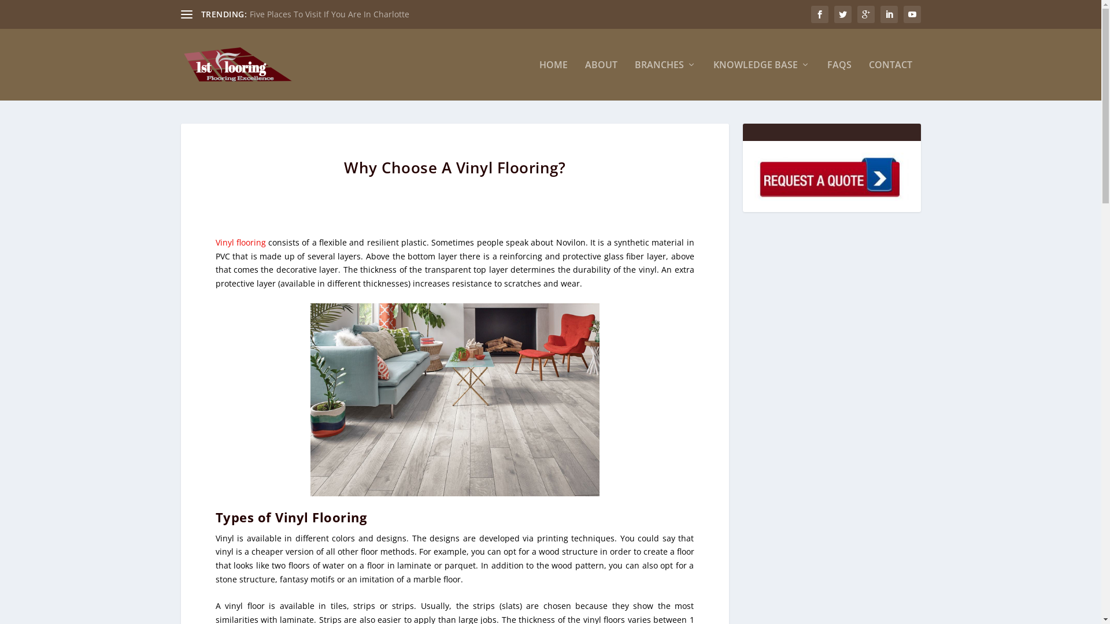 This screenshot has height=624, width=1110. Describe the element at coordinates (215, 242) in the screenshot. I see `'Vinyl flooring'` at that location.